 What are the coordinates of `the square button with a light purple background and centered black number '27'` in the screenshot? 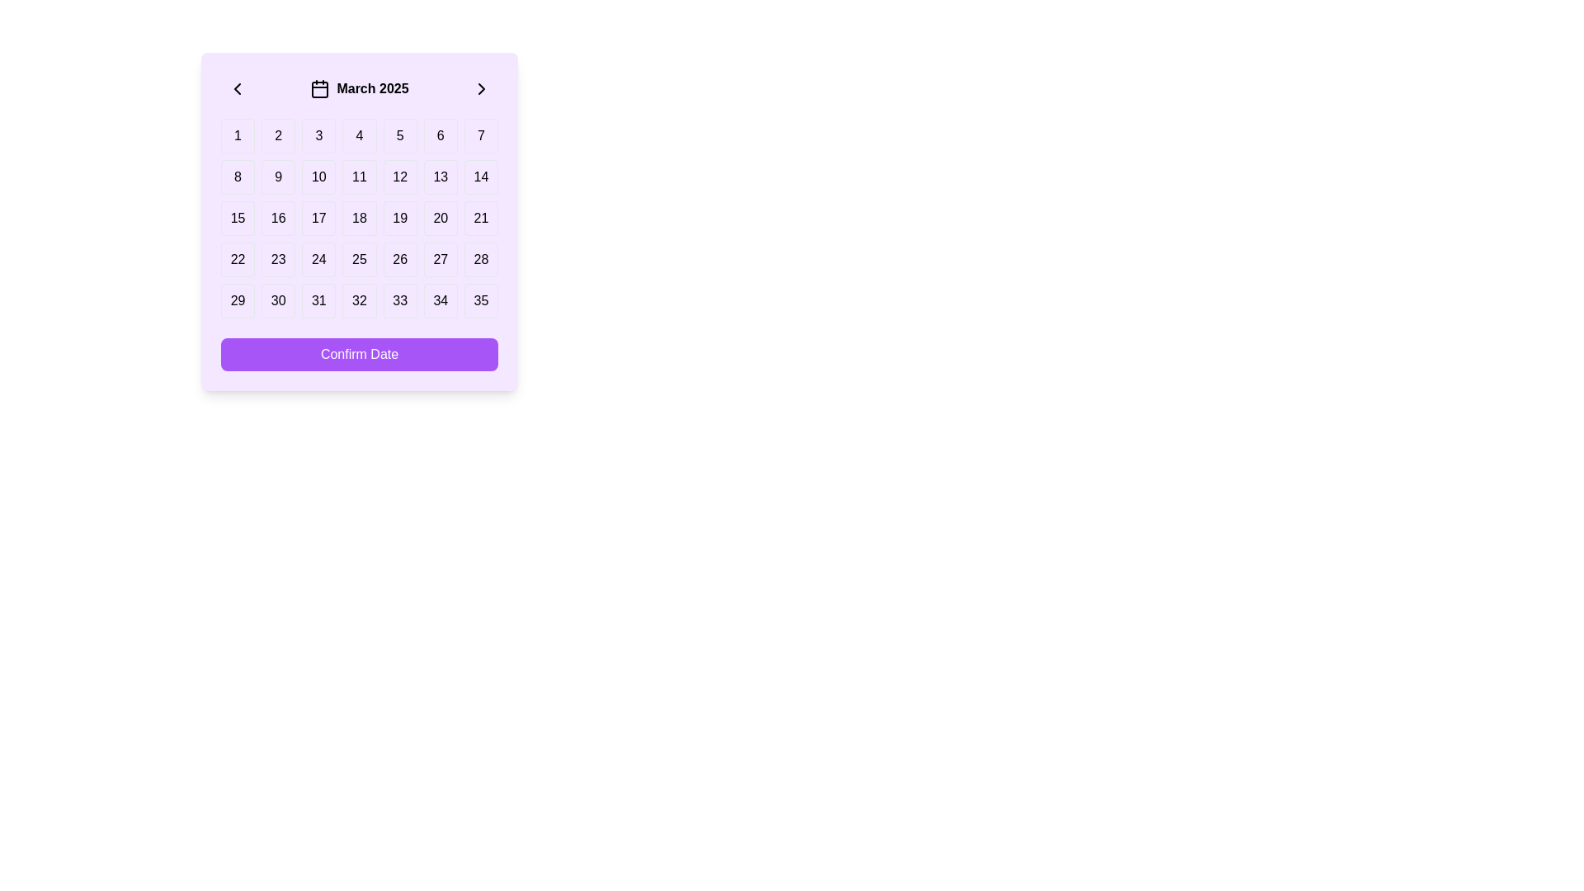 It's located at (440, 260).